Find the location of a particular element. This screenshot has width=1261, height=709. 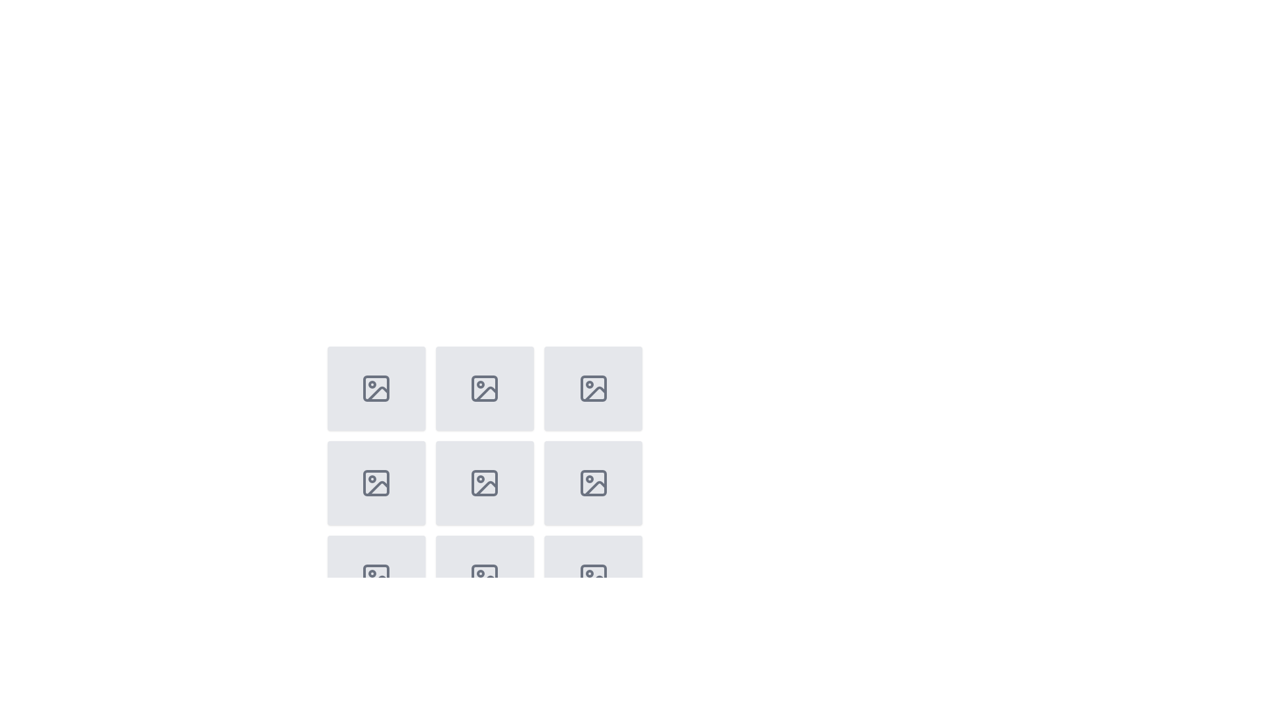

the gray icon shaped like an image placeholder located at the bottom-right corner of a 3x3 grid of similar icons is located at coordinates (592, 576).